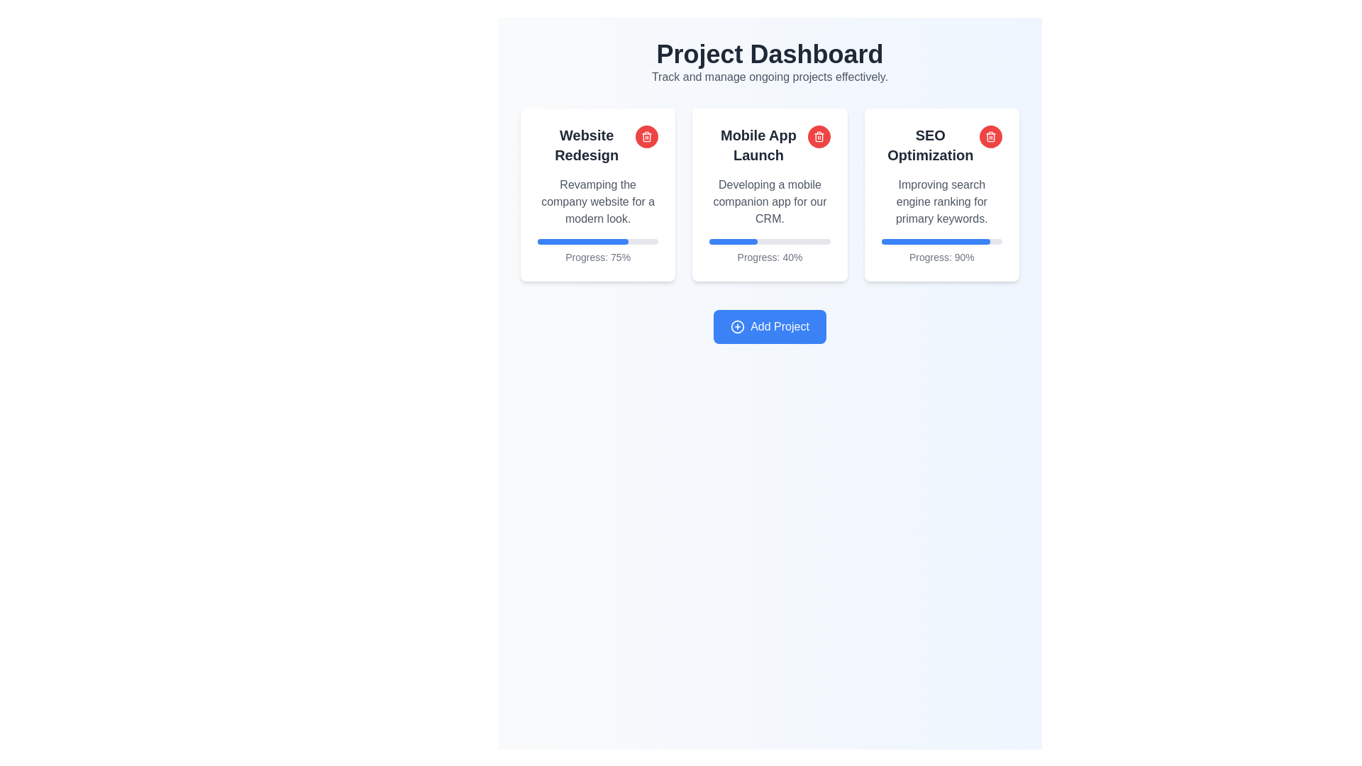 The image size is (1362, 766). Describe the element at coordinates (930, 145) in the screenshot. I see `the descriptive title text for the 'SEO Optimization' card located at the top of the third card in the Project Dashboard` at that location.